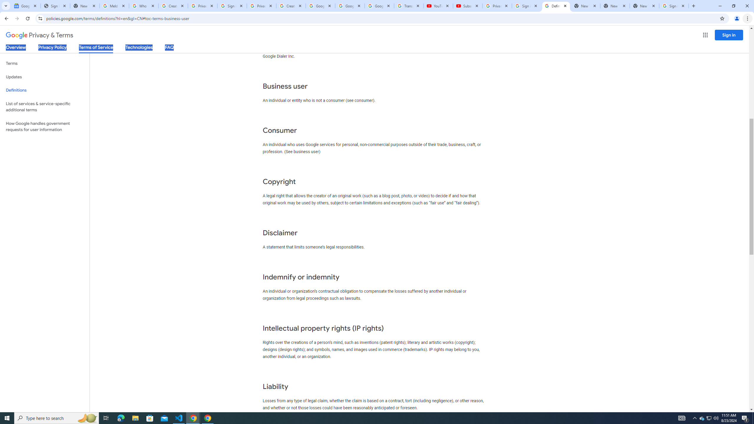 The width and height of the screenshot is (754, 424). What do you see at coordinates (467, 6) in the screenshot?
I see `'Subscriptions - YouTube'` at bounding box center [467, 6].